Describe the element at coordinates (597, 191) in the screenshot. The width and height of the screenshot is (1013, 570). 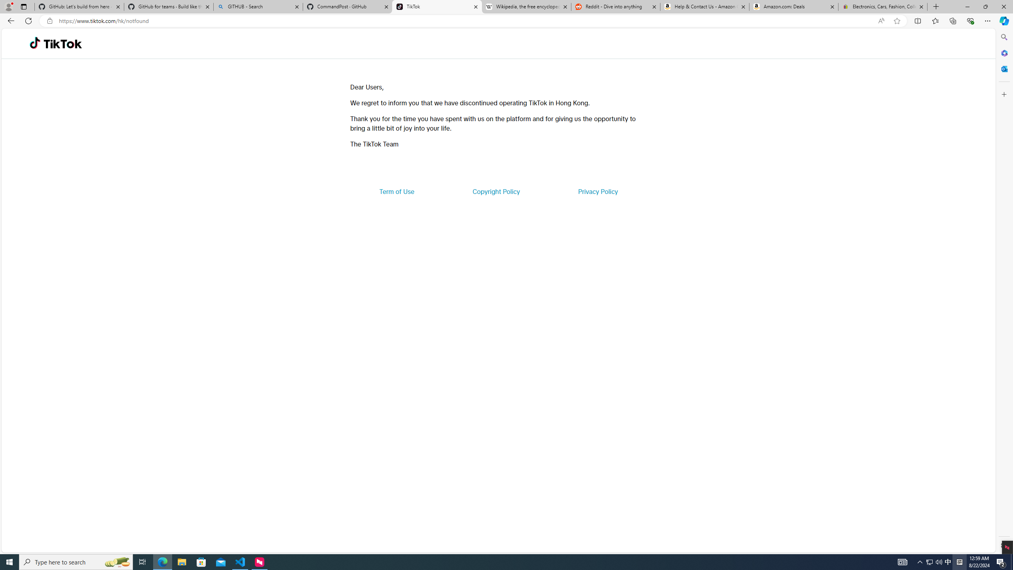
I see `'Privacy Policy'` at that location.